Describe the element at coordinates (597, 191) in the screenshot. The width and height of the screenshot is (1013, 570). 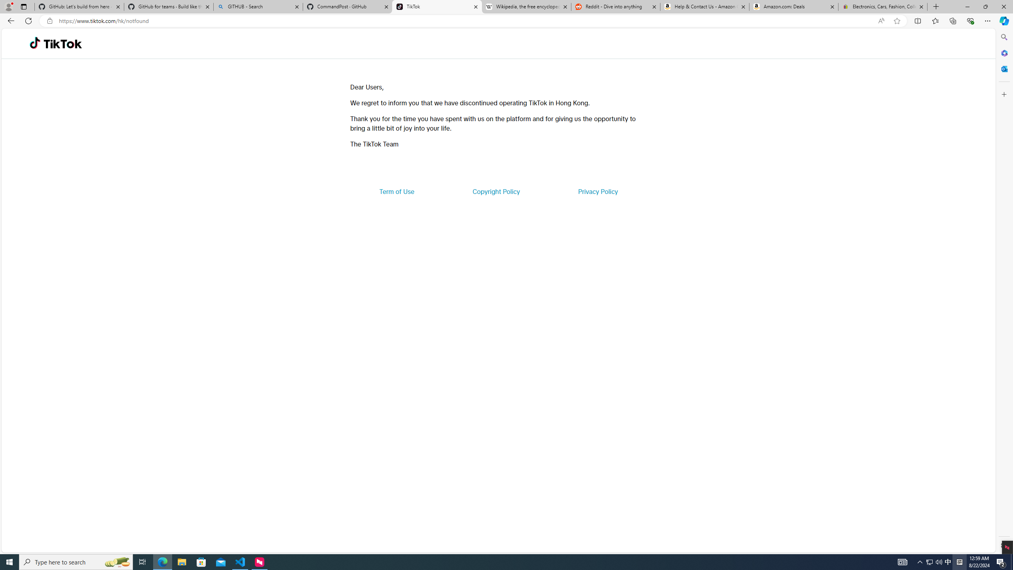
I see `'Privacy Policy'` at that location.